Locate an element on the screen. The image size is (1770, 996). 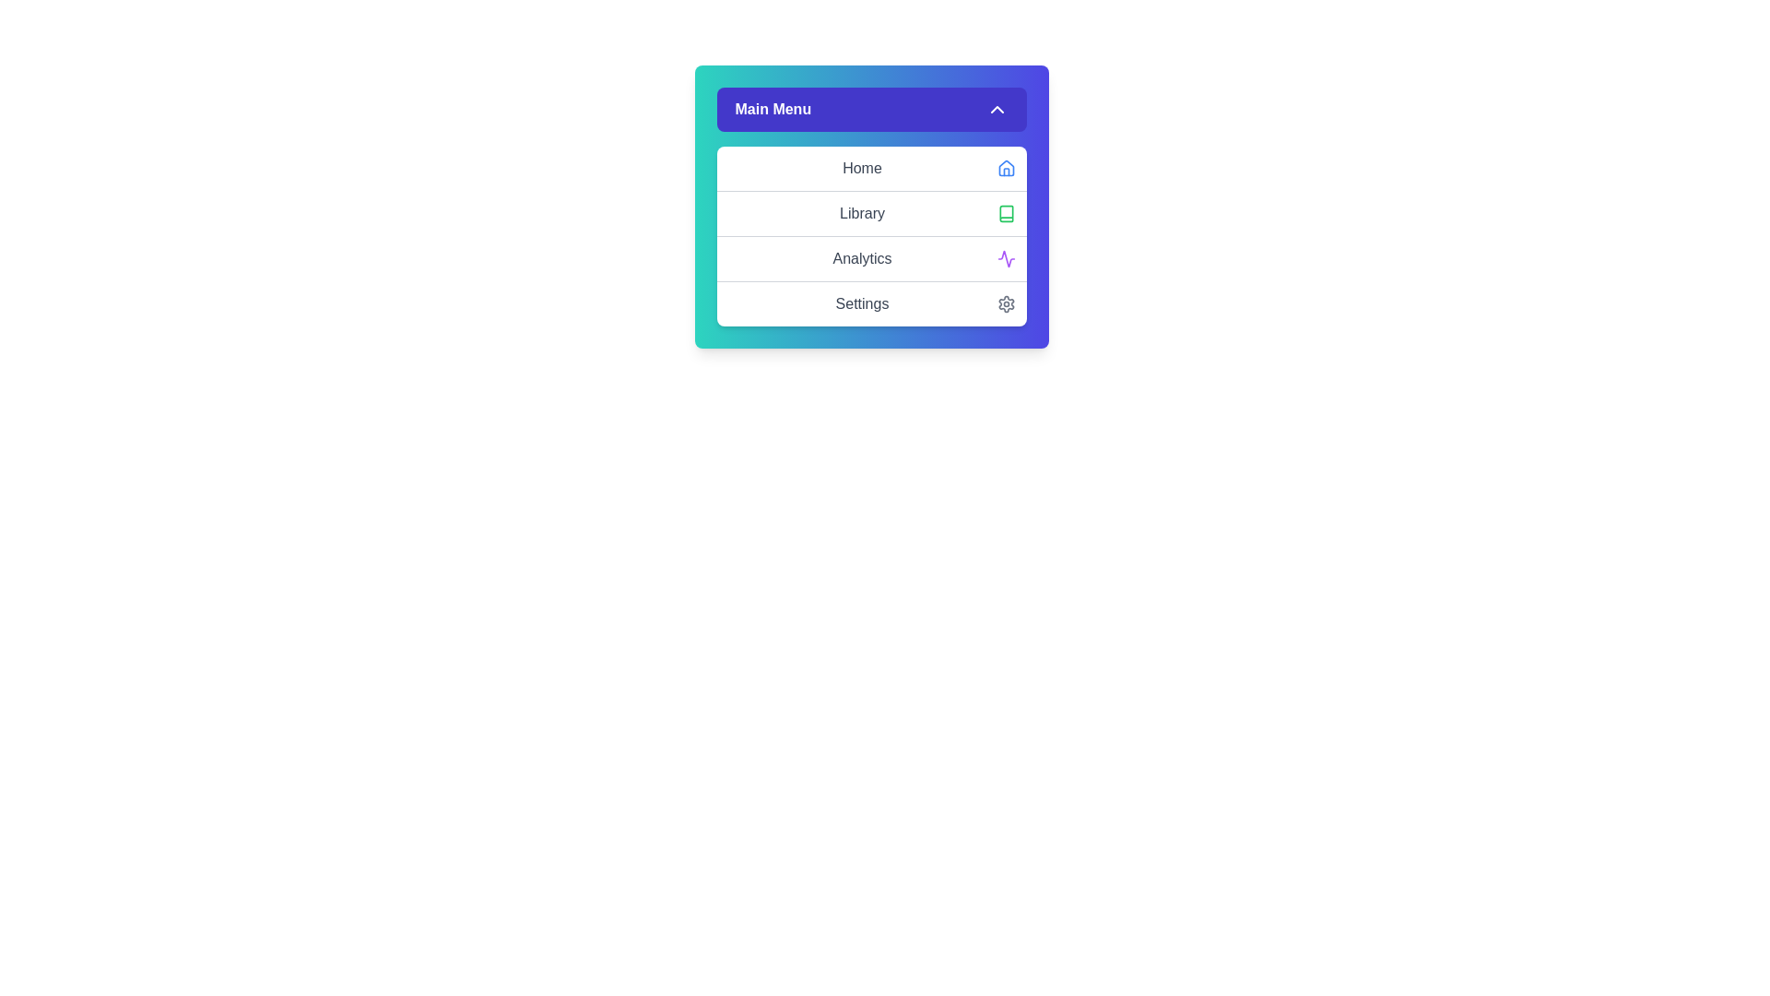
the menu item labeled Library is located at coordinates (870, 212).